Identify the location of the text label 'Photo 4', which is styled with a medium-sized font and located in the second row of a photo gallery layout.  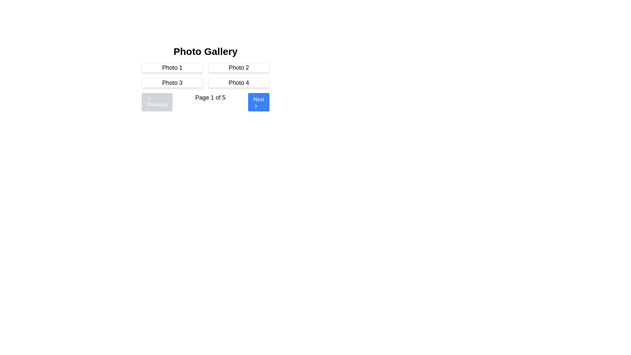
(238, 82).